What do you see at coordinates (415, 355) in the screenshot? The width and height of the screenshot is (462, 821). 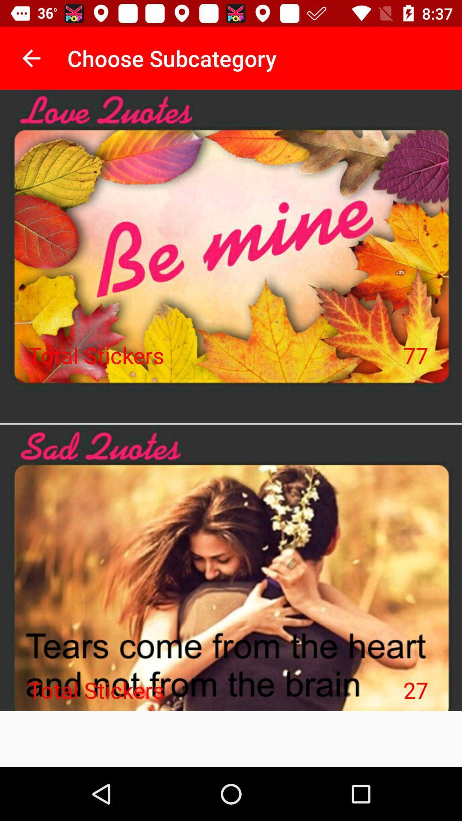 I see `item next to total stickers icon` at bounding box center [415, 355].